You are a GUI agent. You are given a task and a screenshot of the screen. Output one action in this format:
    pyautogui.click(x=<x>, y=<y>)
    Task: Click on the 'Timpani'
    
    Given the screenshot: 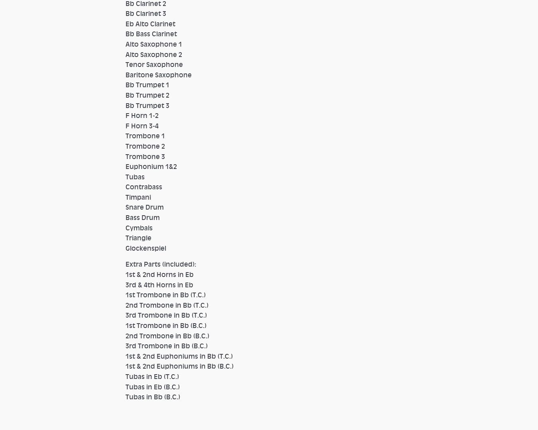 What is the action you would take?
    pyautogui.click(x=125, y=196)
    